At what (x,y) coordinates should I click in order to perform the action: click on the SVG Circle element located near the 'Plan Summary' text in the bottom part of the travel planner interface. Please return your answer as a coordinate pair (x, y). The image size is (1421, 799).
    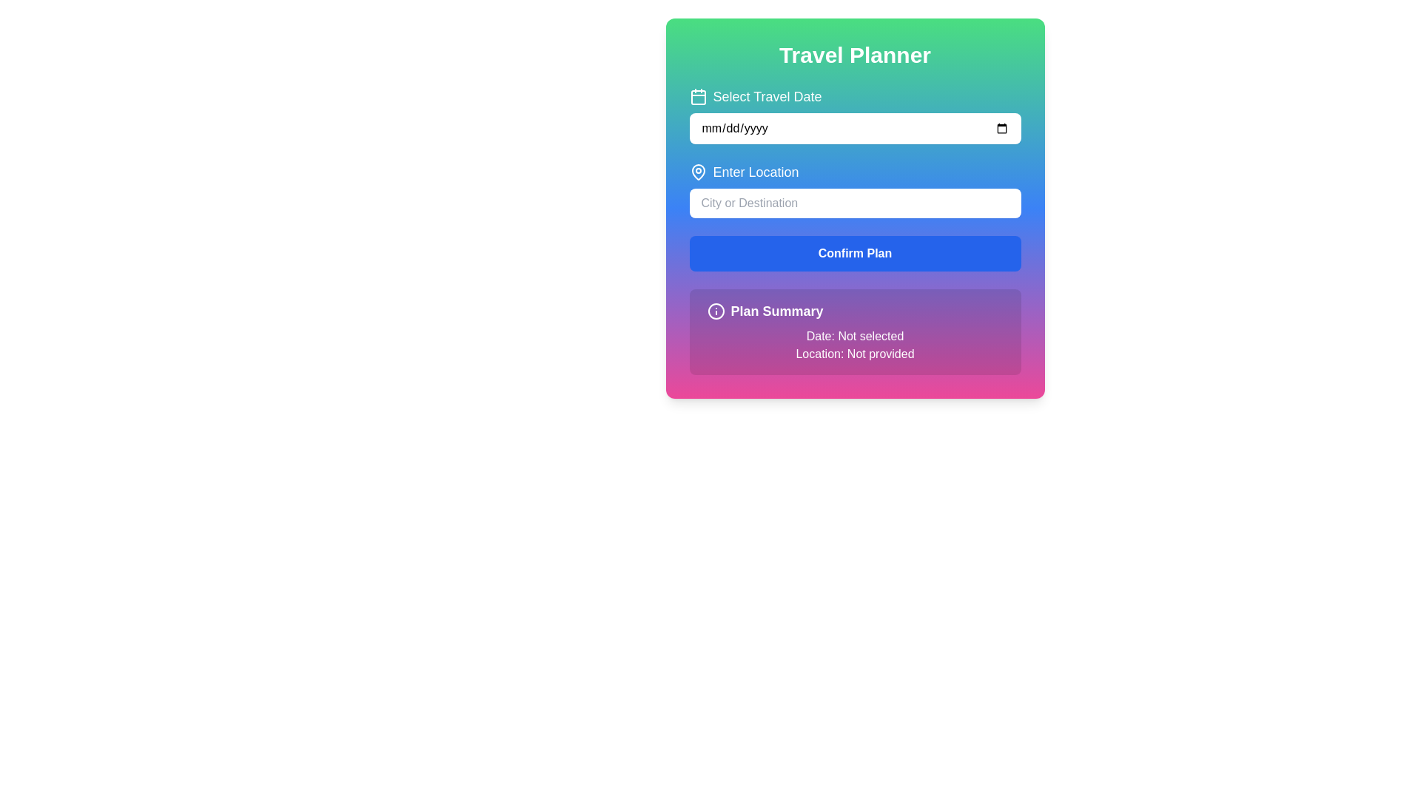
    Looking at the image, I should click on (716, 310).